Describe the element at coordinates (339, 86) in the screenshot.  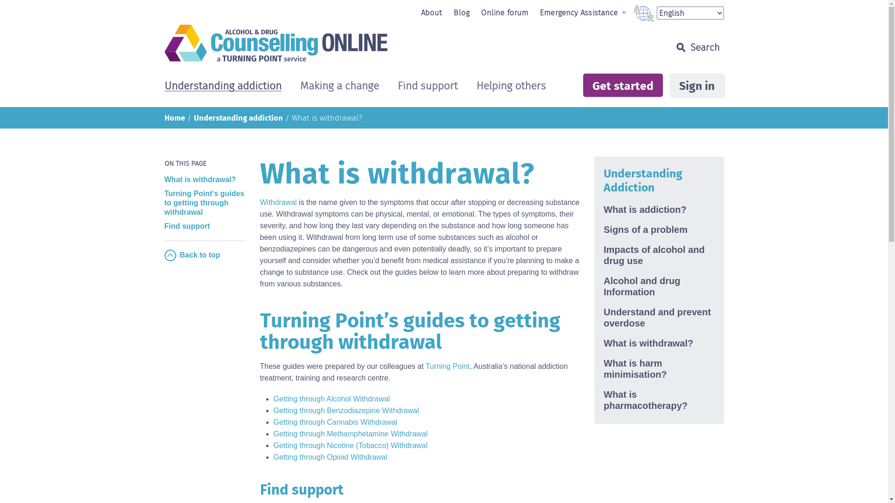
I see `'Making a change'` at that location.